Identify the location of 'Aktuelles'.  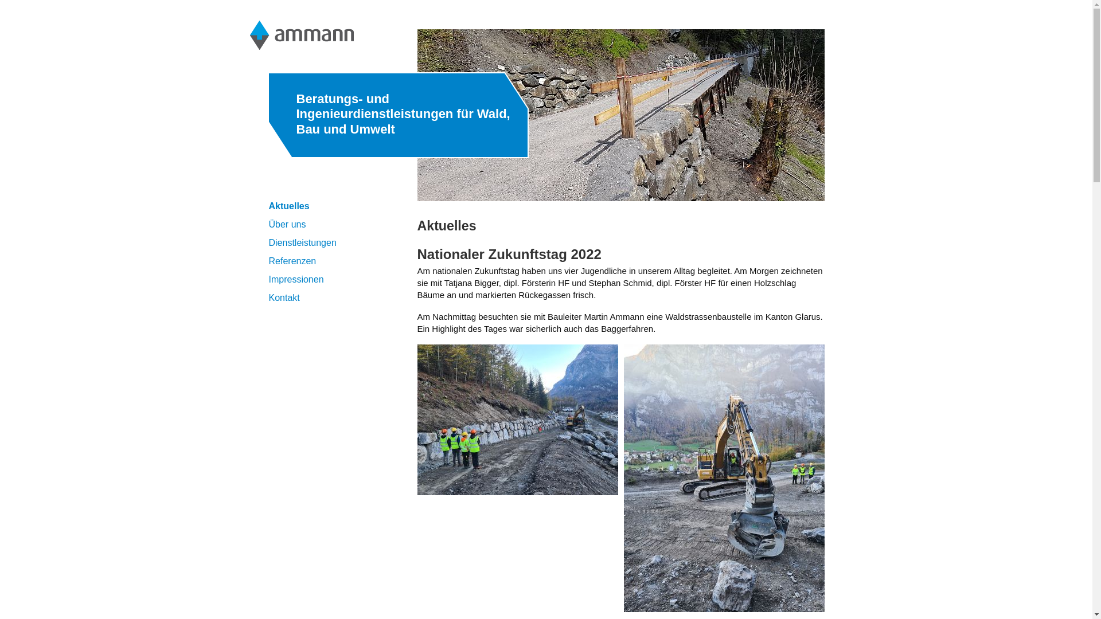
(288, 205).